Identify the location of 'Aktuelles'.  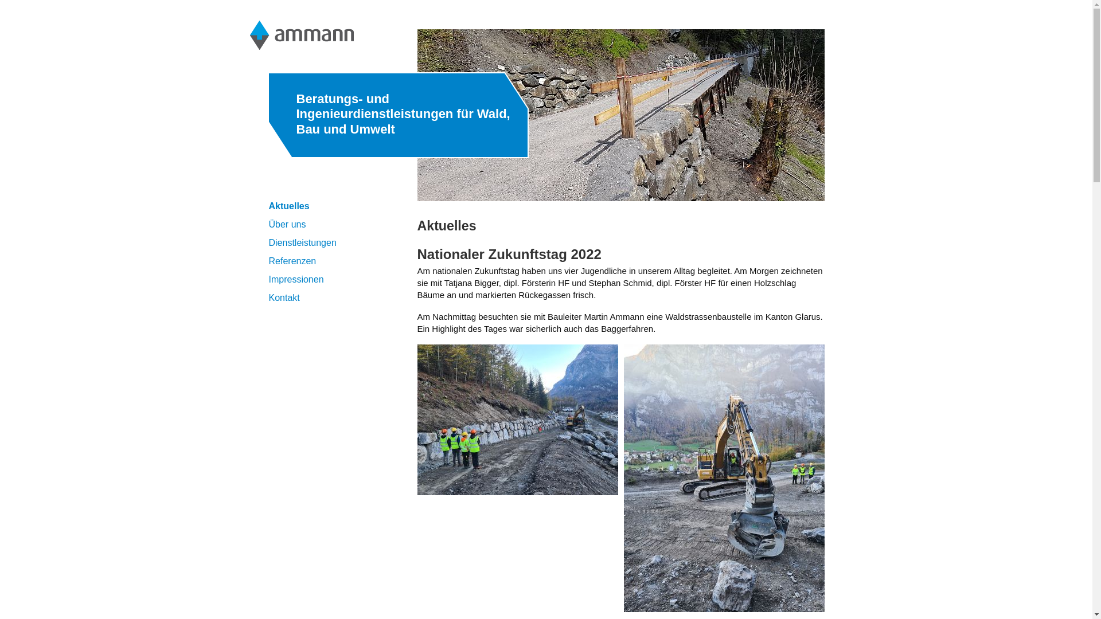
(288, 205).